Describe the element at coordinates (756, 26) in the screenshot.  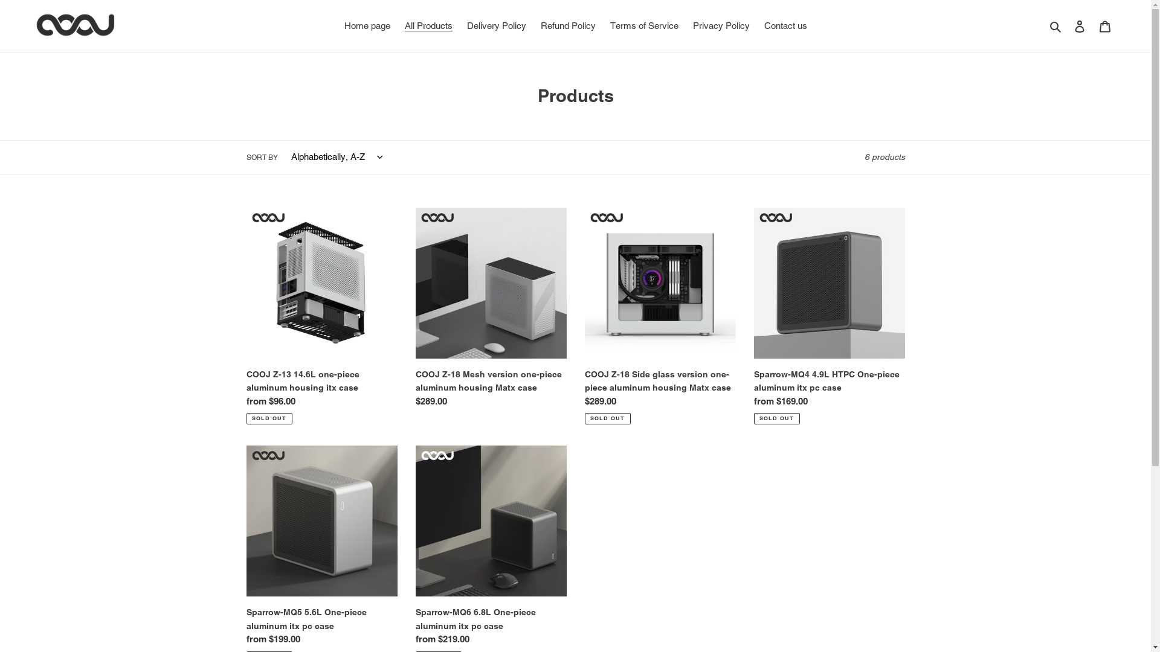
I see `'Contact us'` at that location.